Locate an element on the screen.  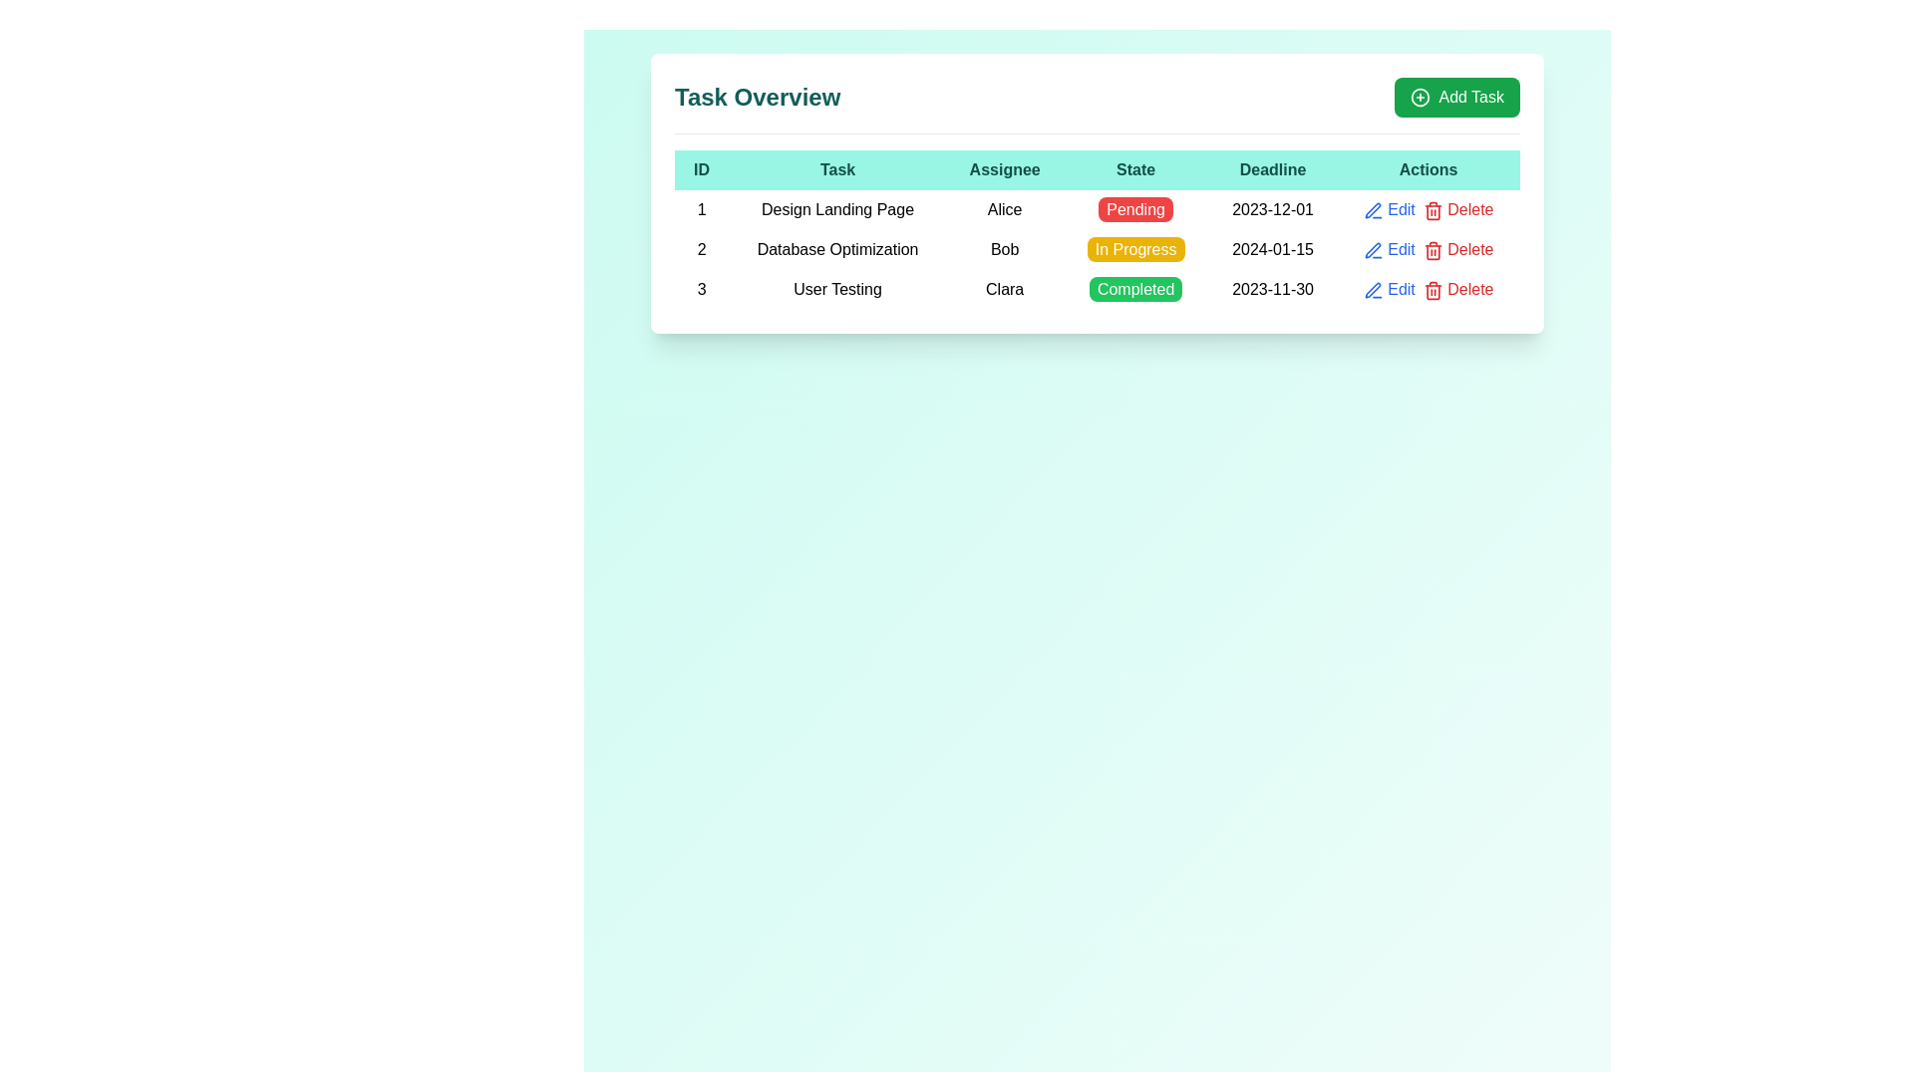
the 'Completed' Status Badge located in the 'State' column of the task table for the task 'User Testing' assigned to 'Clara' is located at coordinates (1135, 289).